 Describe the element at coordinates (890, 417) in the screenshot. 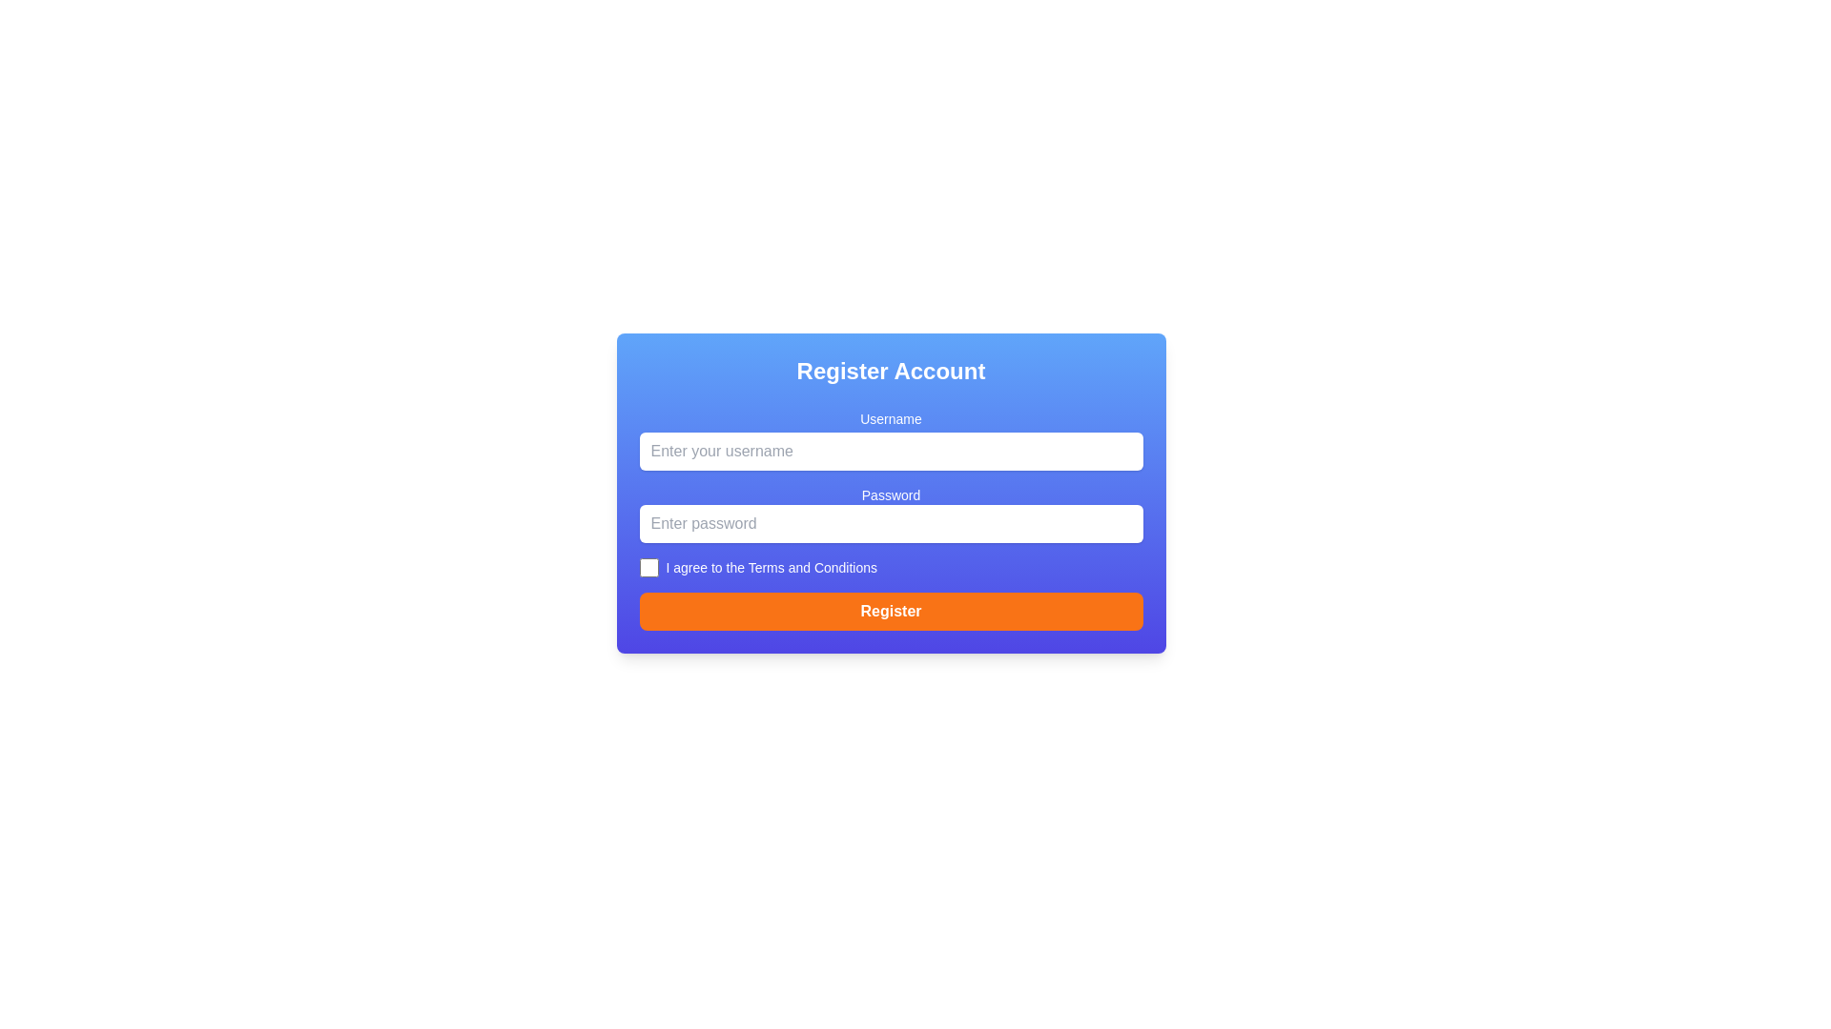

I see `the 'Username' text label, which is displayed in white on a blue background and is positioned above the username input field in the registration panel` at that location.